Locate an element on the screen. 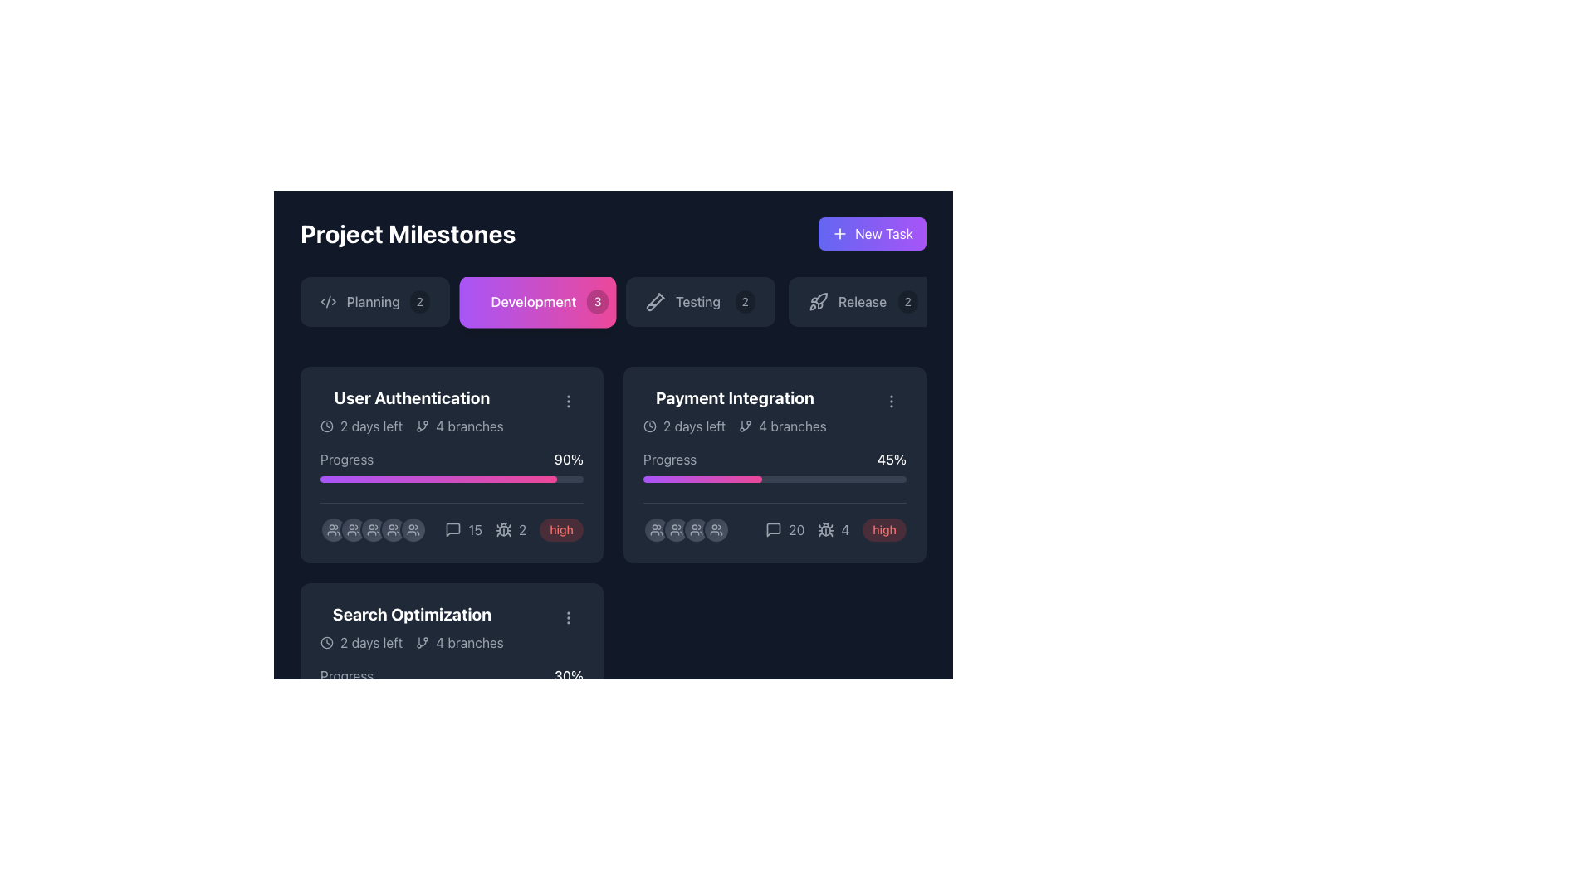  the prominent bold text label displaying 'User Authentication' located at the top-left section of the project card is located at coordinates (412, 397).